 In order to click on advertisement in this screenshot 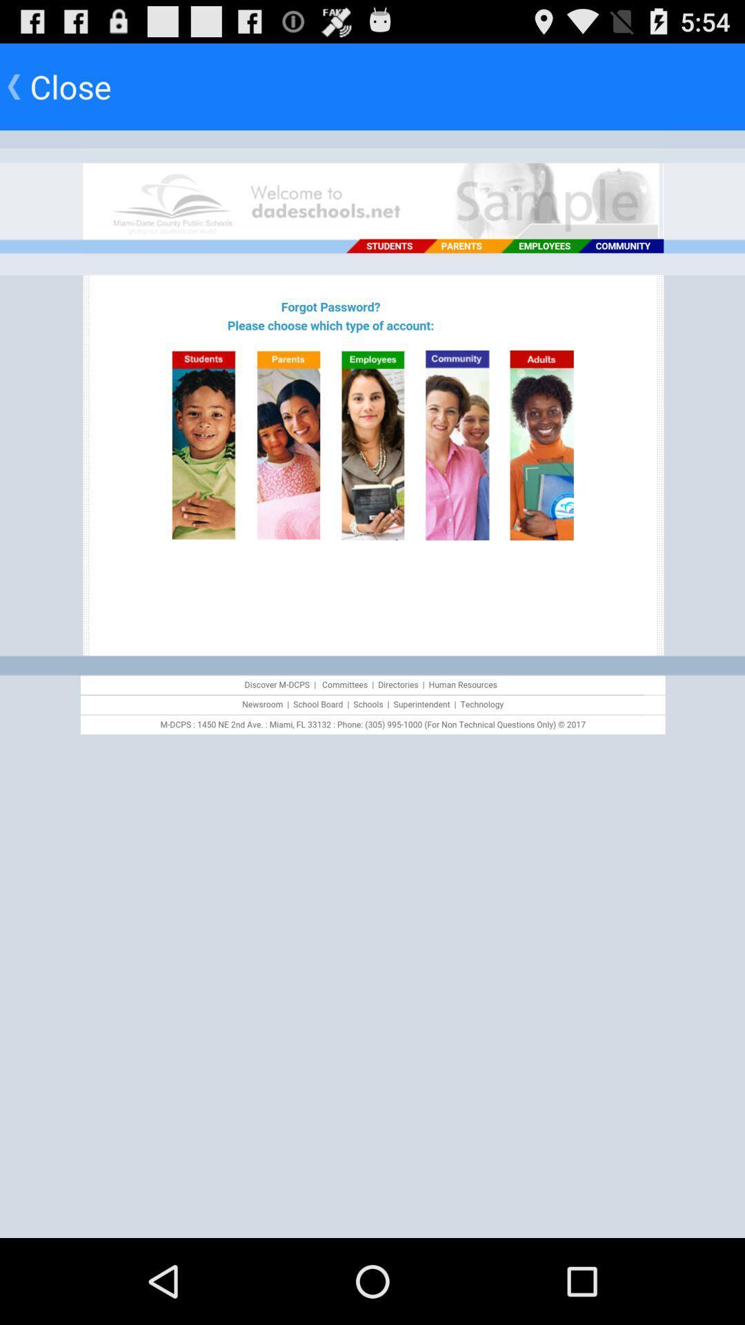, I will do `click(372, 684)`.